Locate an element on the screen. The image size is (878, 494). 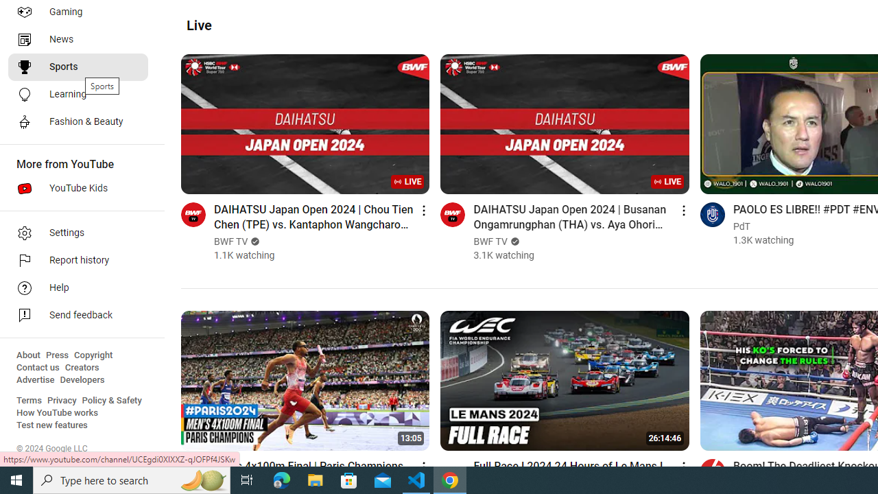
'How YouTube works' is located at coordinates (56, 412).